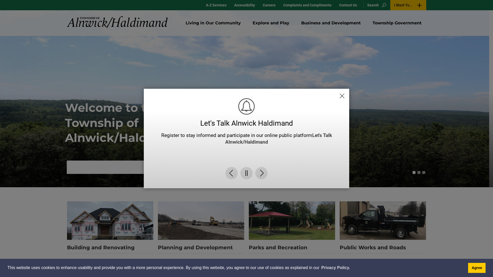 The image size is (493, 277). What do you see at coordinates (248, 23) in the screenshot?
I see `'Explore and Play'` at bounding box center [248, 23].